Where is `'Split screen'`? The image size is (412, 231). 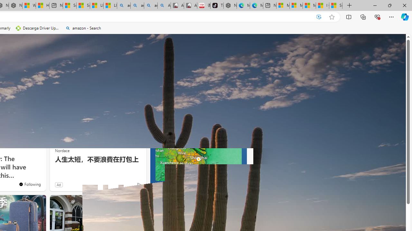 'Split screen' is located at coordinates (348, 16).